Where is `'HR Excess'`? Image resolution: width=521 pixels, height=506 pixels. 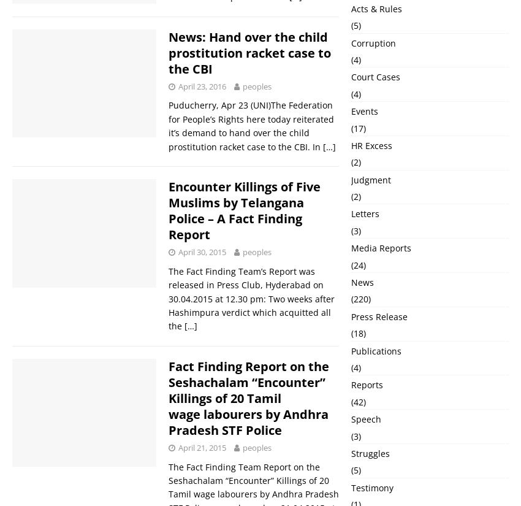
'HR Excess' is located at coordinates (371, 145).